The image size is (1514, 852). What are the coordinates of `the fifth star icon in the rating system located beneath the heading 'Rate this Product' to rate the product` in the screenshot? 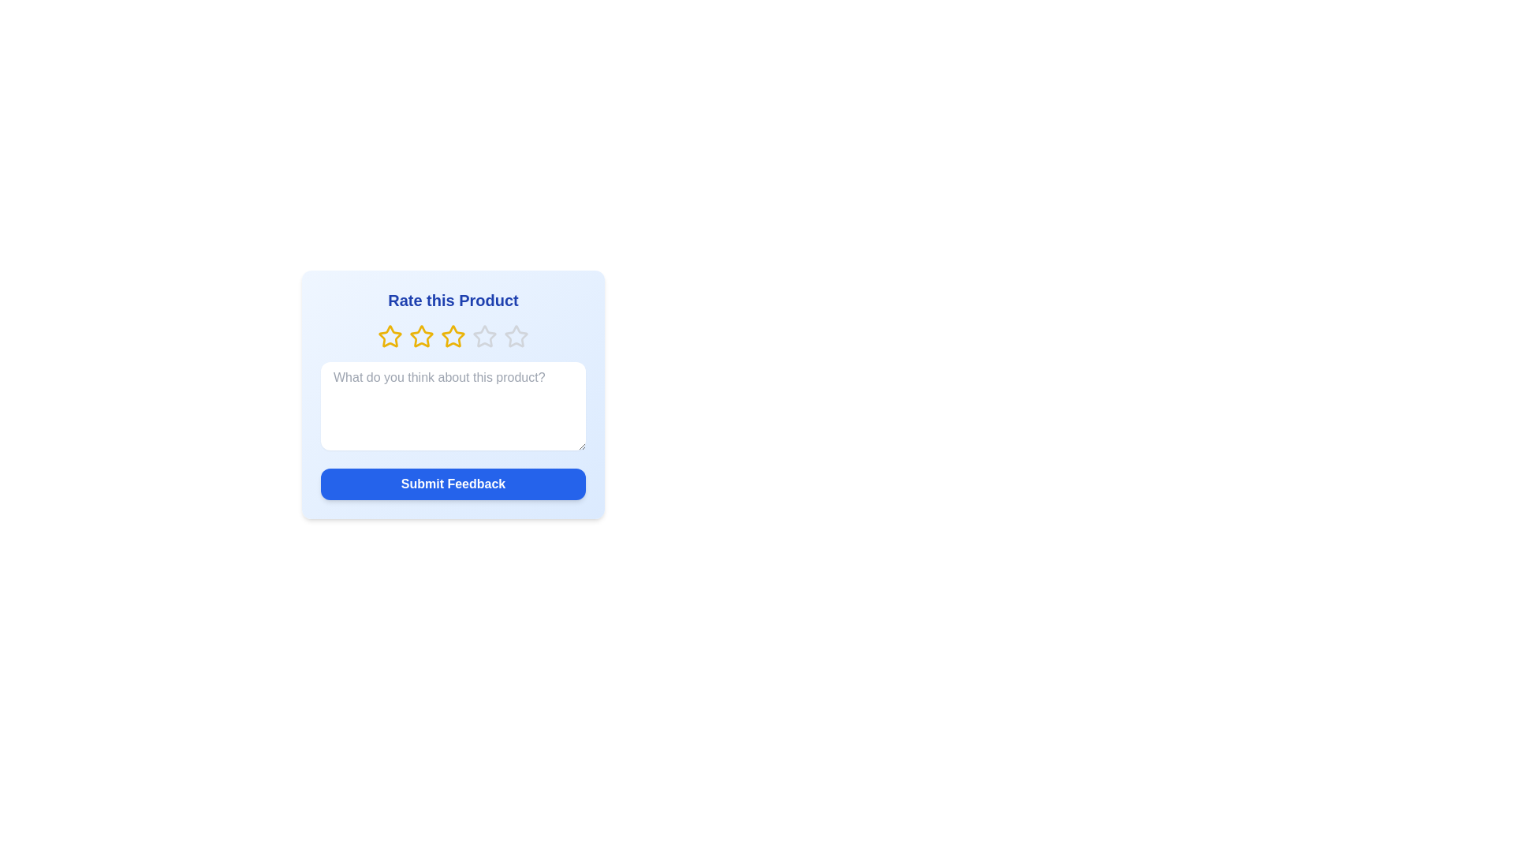 It's located at (515, 334).